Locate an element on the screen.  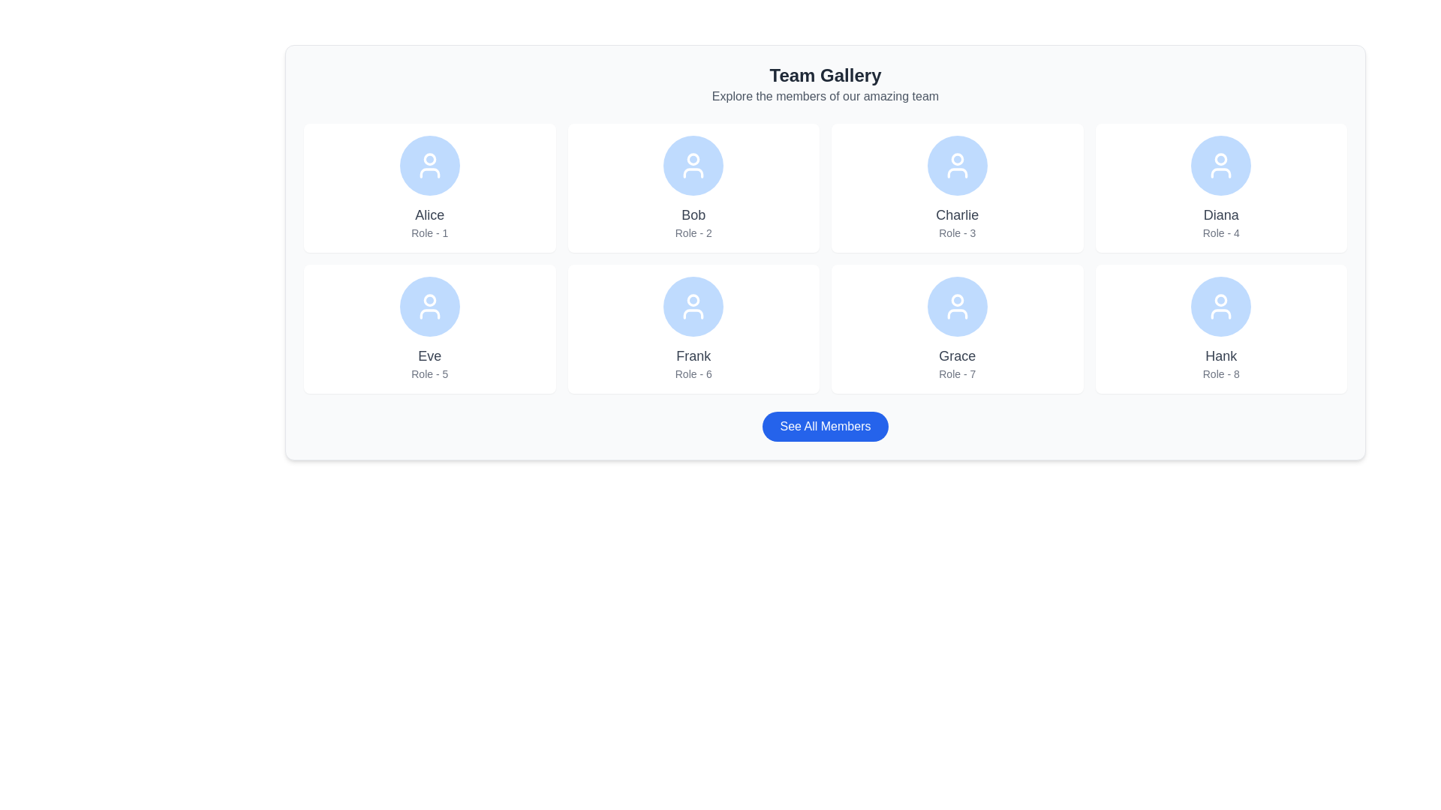
the text label displaying 'Eve', which is styled in a bold, medium-sized font and centered within a white box in the grid layout is located at coordinates (429, 355).